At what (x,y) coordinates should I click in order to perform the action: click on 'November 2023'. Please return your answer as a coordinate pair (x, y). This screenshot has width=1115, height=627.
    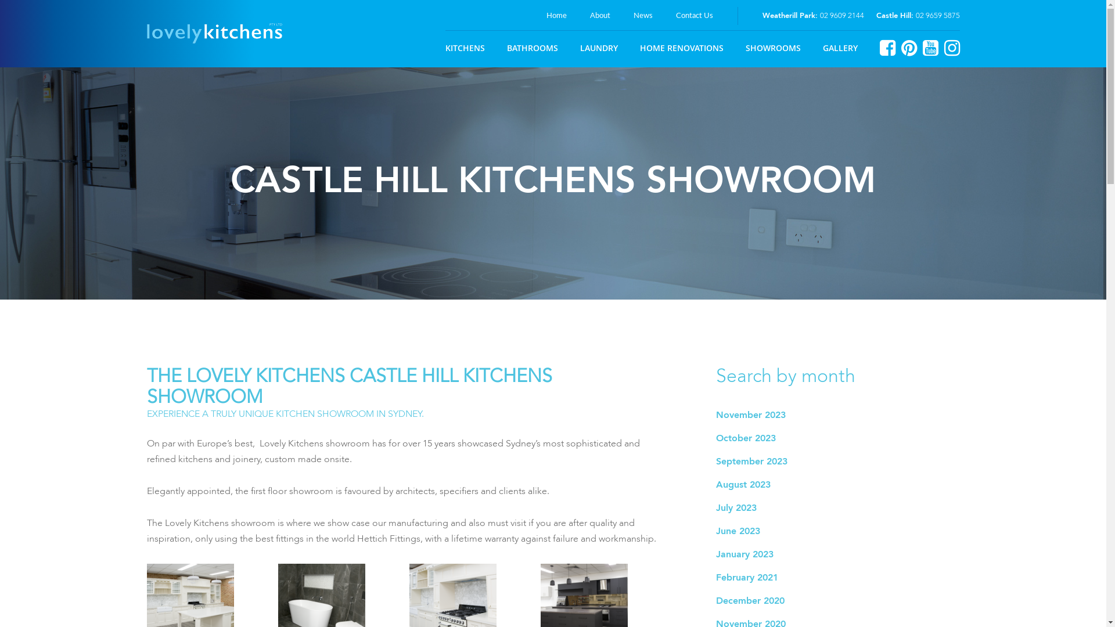
    Looking at the image, I should click on (750, 415).